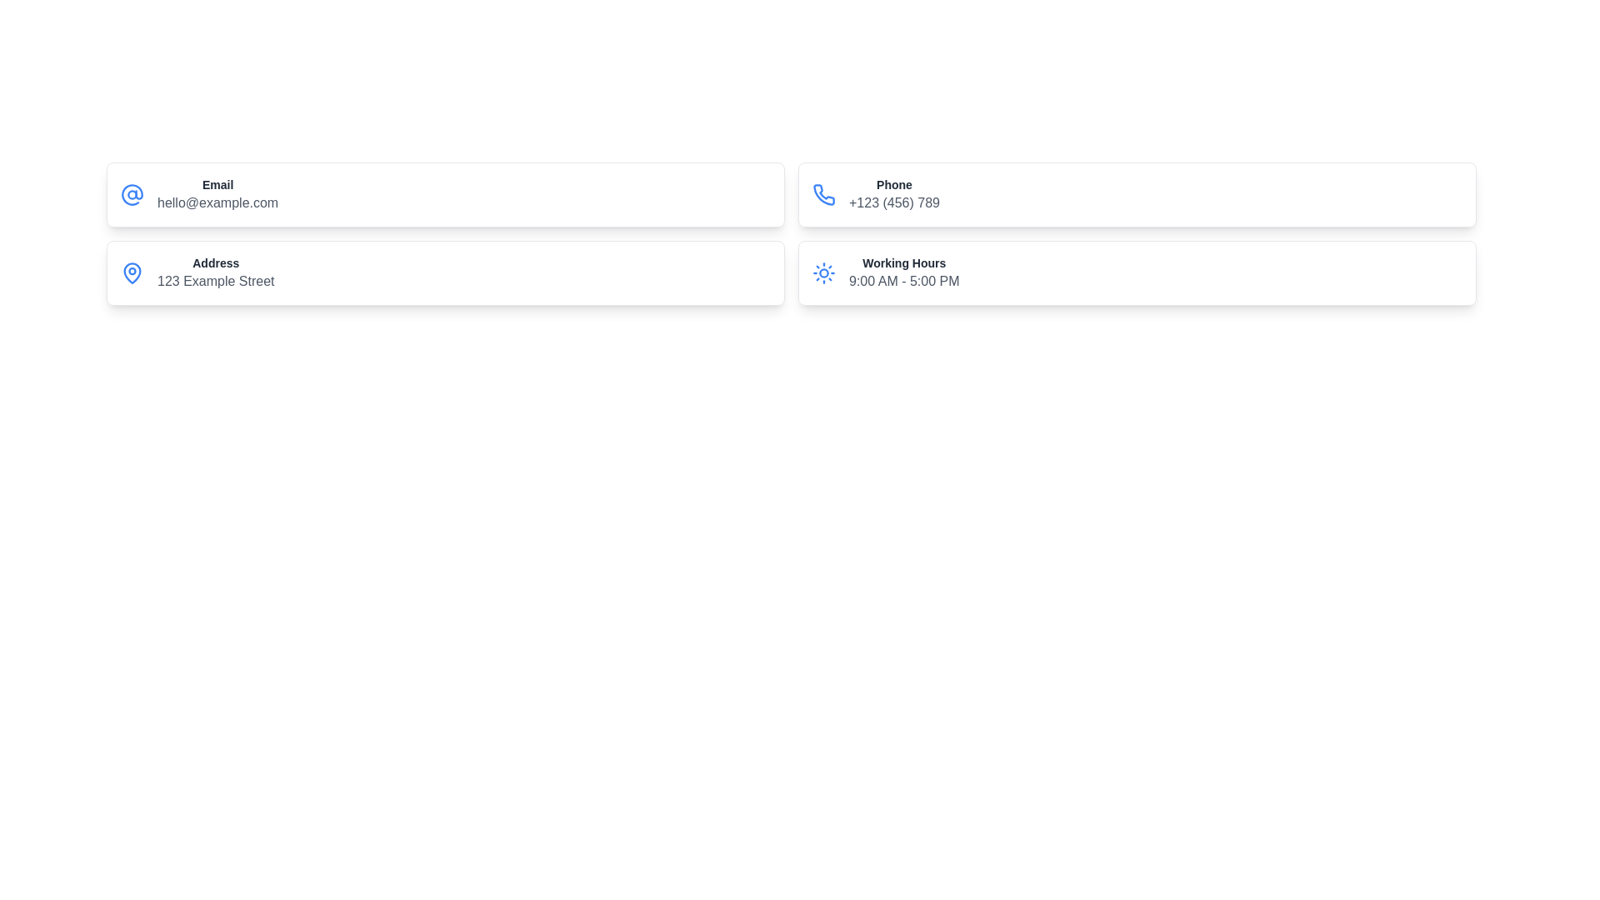  Describe the element at coordinates (903, 281) in the screenshot. I see `the Text Label displaying '9:00 AM - 5:00 PM', styled in gray color, located beneath the 'Working Hours' text` at that location.